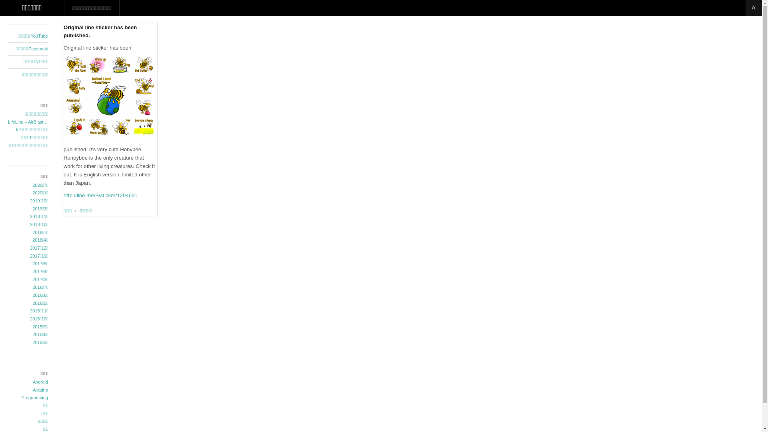 The width and height of the screenshot is (768, 432). What do you see at coordinates (28, 390) in the screenshot?
I see `'Arduino'` at bounding box center [28, 390].